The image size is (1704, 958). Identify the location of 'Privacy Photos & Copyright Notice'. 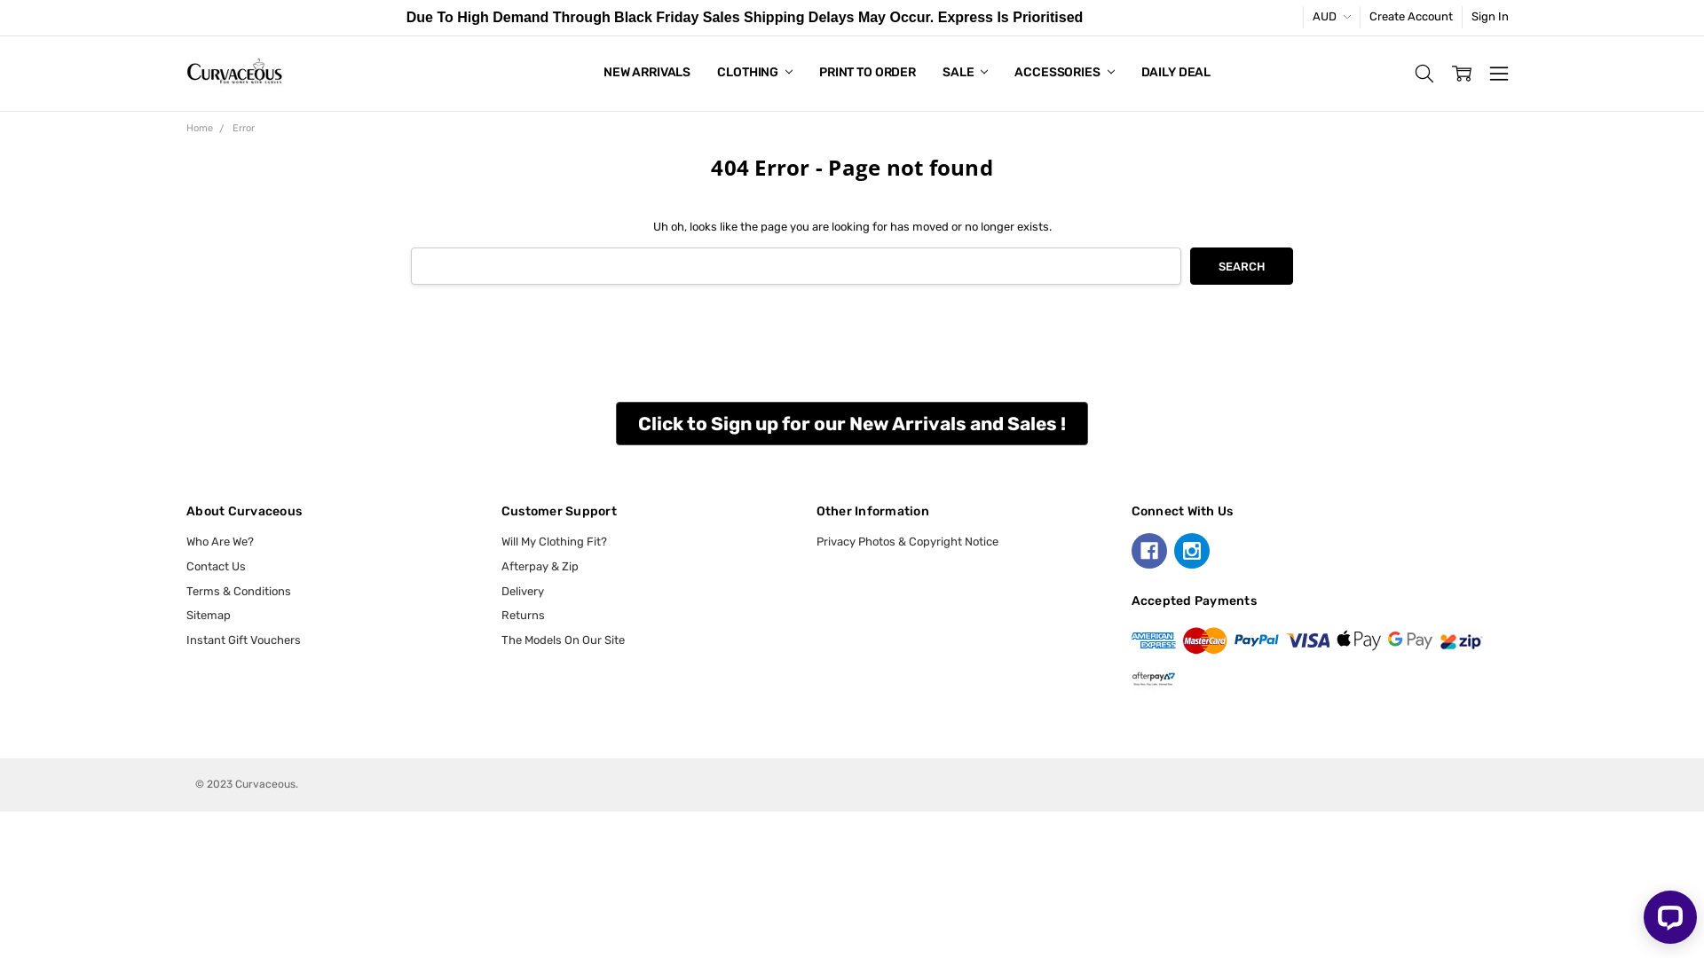
(907, 540).